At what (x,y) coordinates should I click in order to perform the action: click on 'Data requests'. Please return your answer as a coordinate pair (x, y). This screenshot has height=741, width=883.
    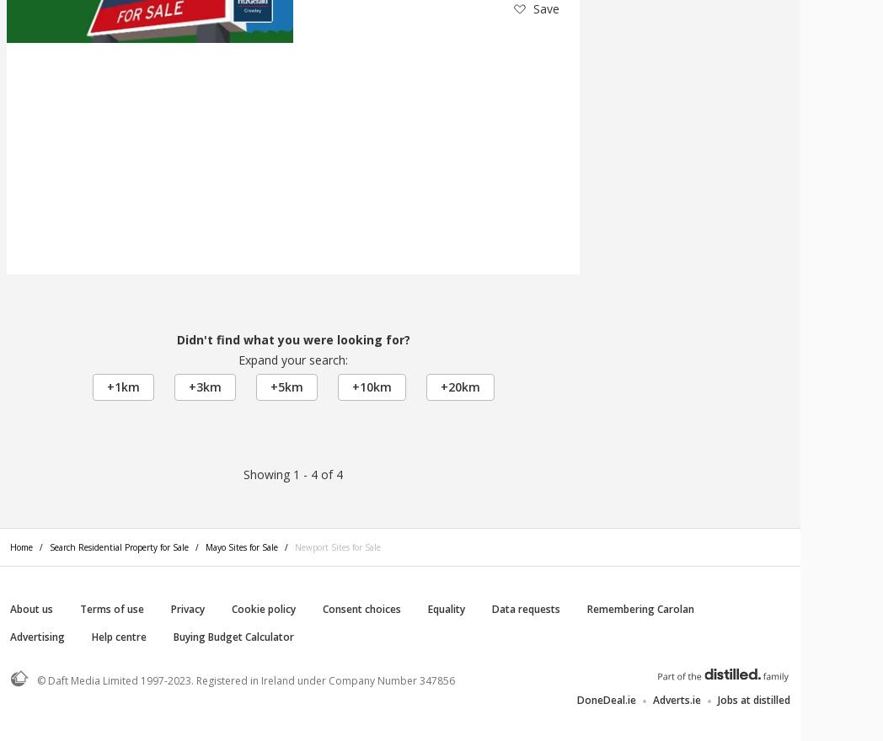
    Looking at the image, I should click on (492, 609).